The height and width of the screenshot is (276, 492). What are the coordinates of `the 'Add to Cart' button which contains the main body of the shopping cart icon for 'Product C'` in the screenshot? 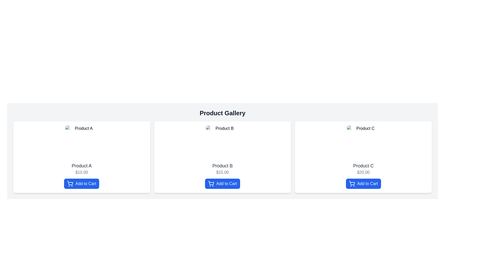 It's located at (352, 183).